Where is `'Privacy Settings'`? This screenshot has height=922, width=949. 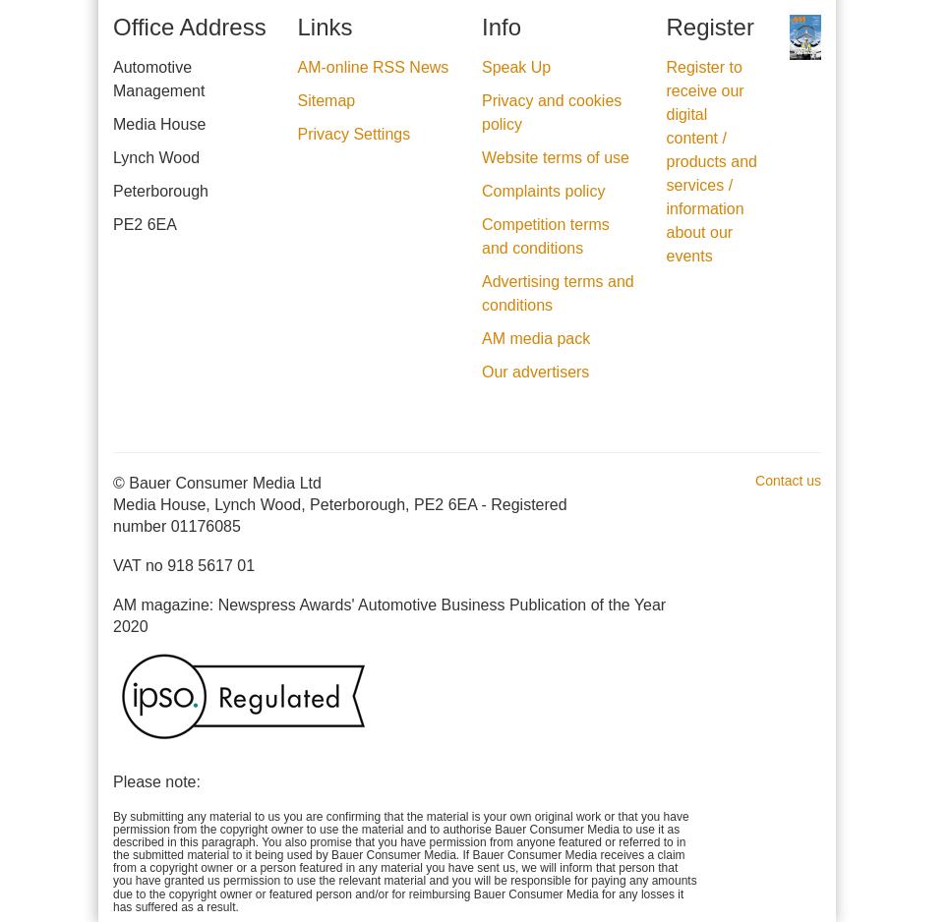
'Privacy Settings' is located at coordinates (353, 133).